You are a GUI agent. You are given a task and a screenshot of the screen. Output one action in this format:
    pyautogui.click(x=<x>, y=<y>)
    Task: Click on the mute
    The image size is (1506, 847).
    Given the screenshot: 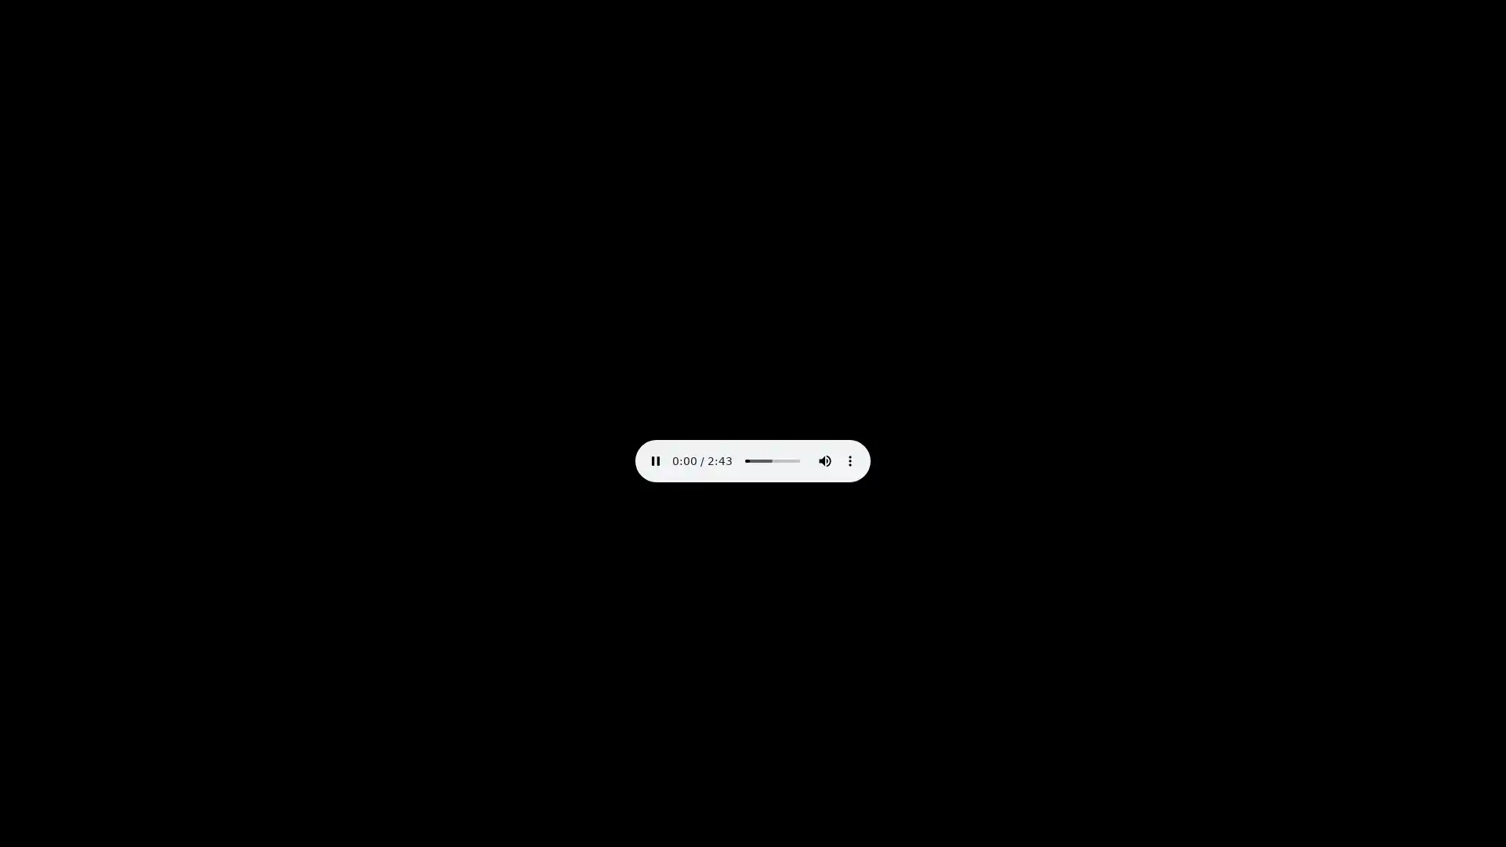 What is the action you would take?
    pyautogui.click(x=824, y=460)
    